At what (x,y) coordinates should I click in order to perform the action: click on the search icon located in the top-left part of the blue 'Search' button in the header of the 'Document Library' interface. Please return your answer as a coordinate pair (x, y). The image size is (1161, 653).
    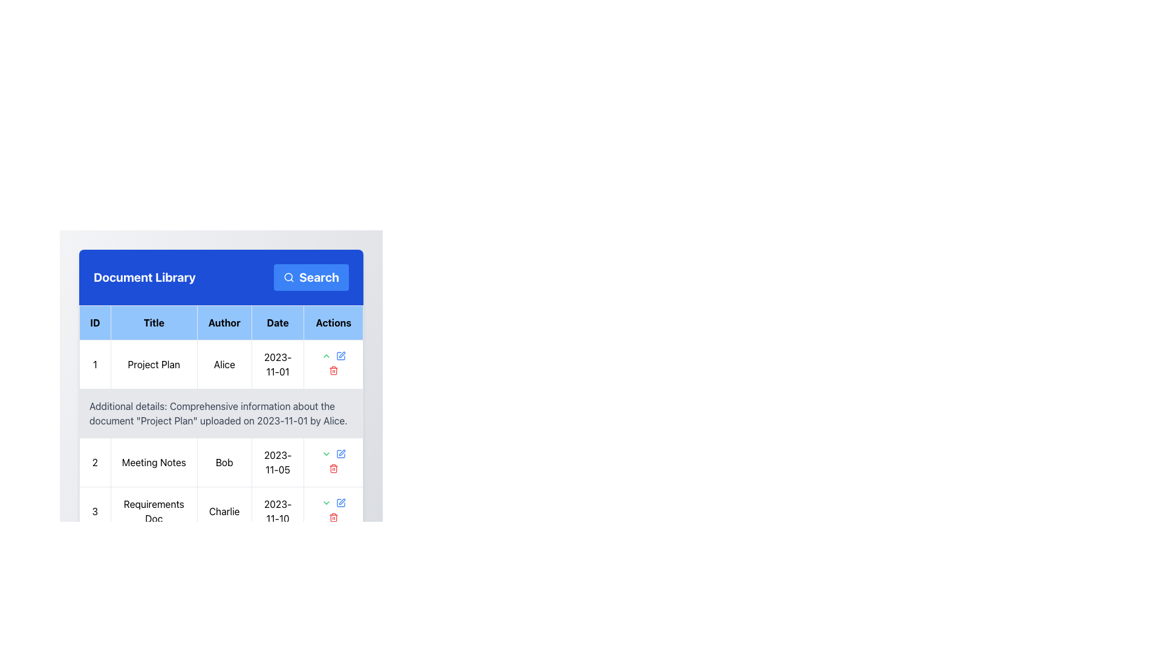
    Looking at the image, I should click on (288, 278).